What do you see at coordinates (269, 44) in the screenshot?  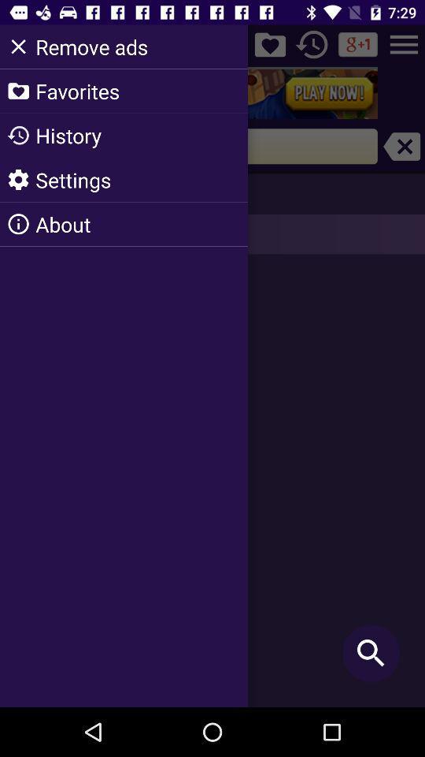 I see `the icon right to remove ads` at bounding box center [269, 44].